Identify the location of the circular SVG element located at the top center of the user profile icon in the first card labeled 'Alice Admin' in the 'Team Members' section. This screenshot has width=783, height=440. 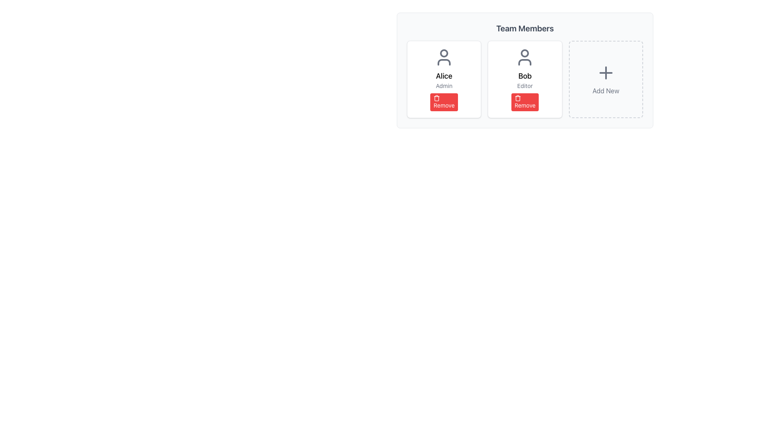
(444, 53).